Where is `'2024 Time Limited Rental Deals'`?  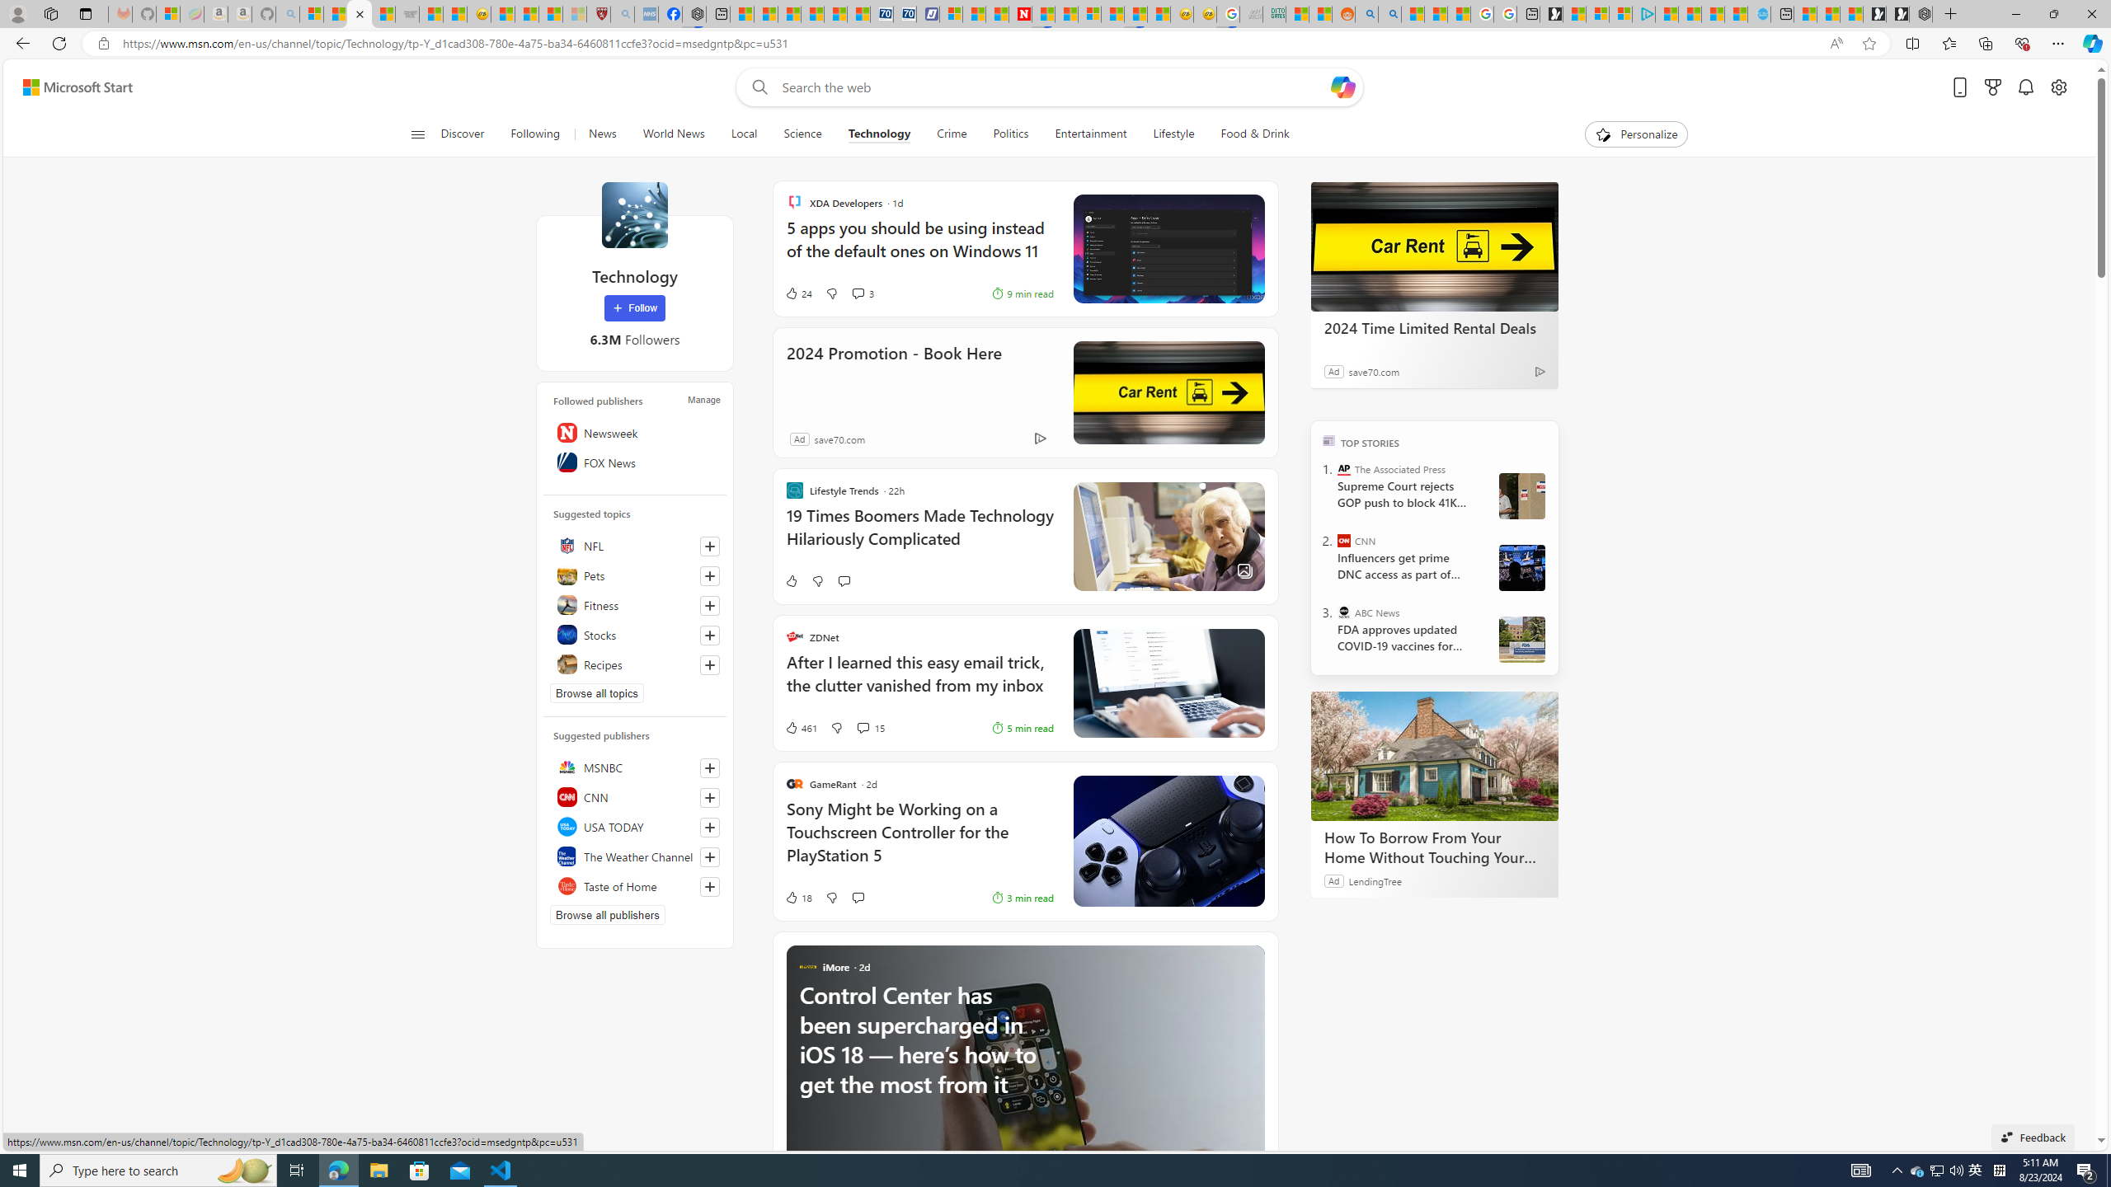
'2024 Time Limited Rental Deals' is located at coordinates (1433, 246).